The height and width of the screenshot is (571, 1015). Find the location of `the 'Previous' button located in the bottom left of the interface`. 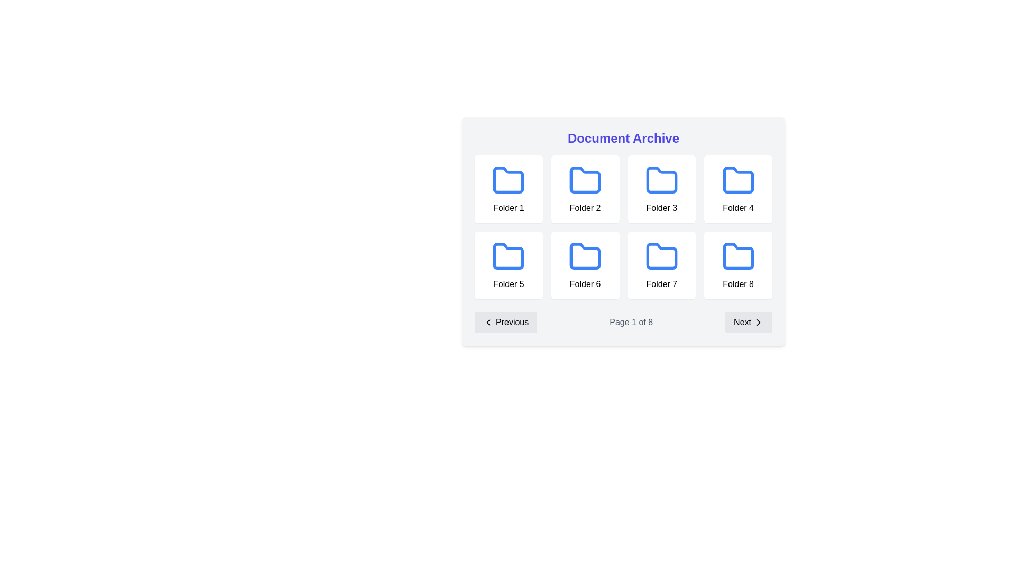

the 'Previous' button located in the bottom left of the interface is located at coordinates (488, 321).